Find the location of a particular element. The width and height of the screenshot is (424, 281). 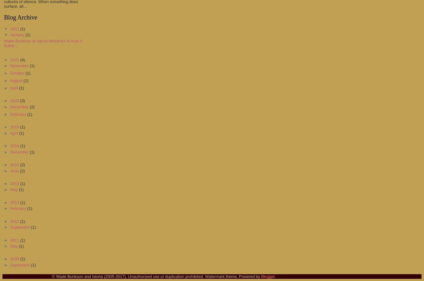

'Blog Archive' is located at coordinates (4, 17).